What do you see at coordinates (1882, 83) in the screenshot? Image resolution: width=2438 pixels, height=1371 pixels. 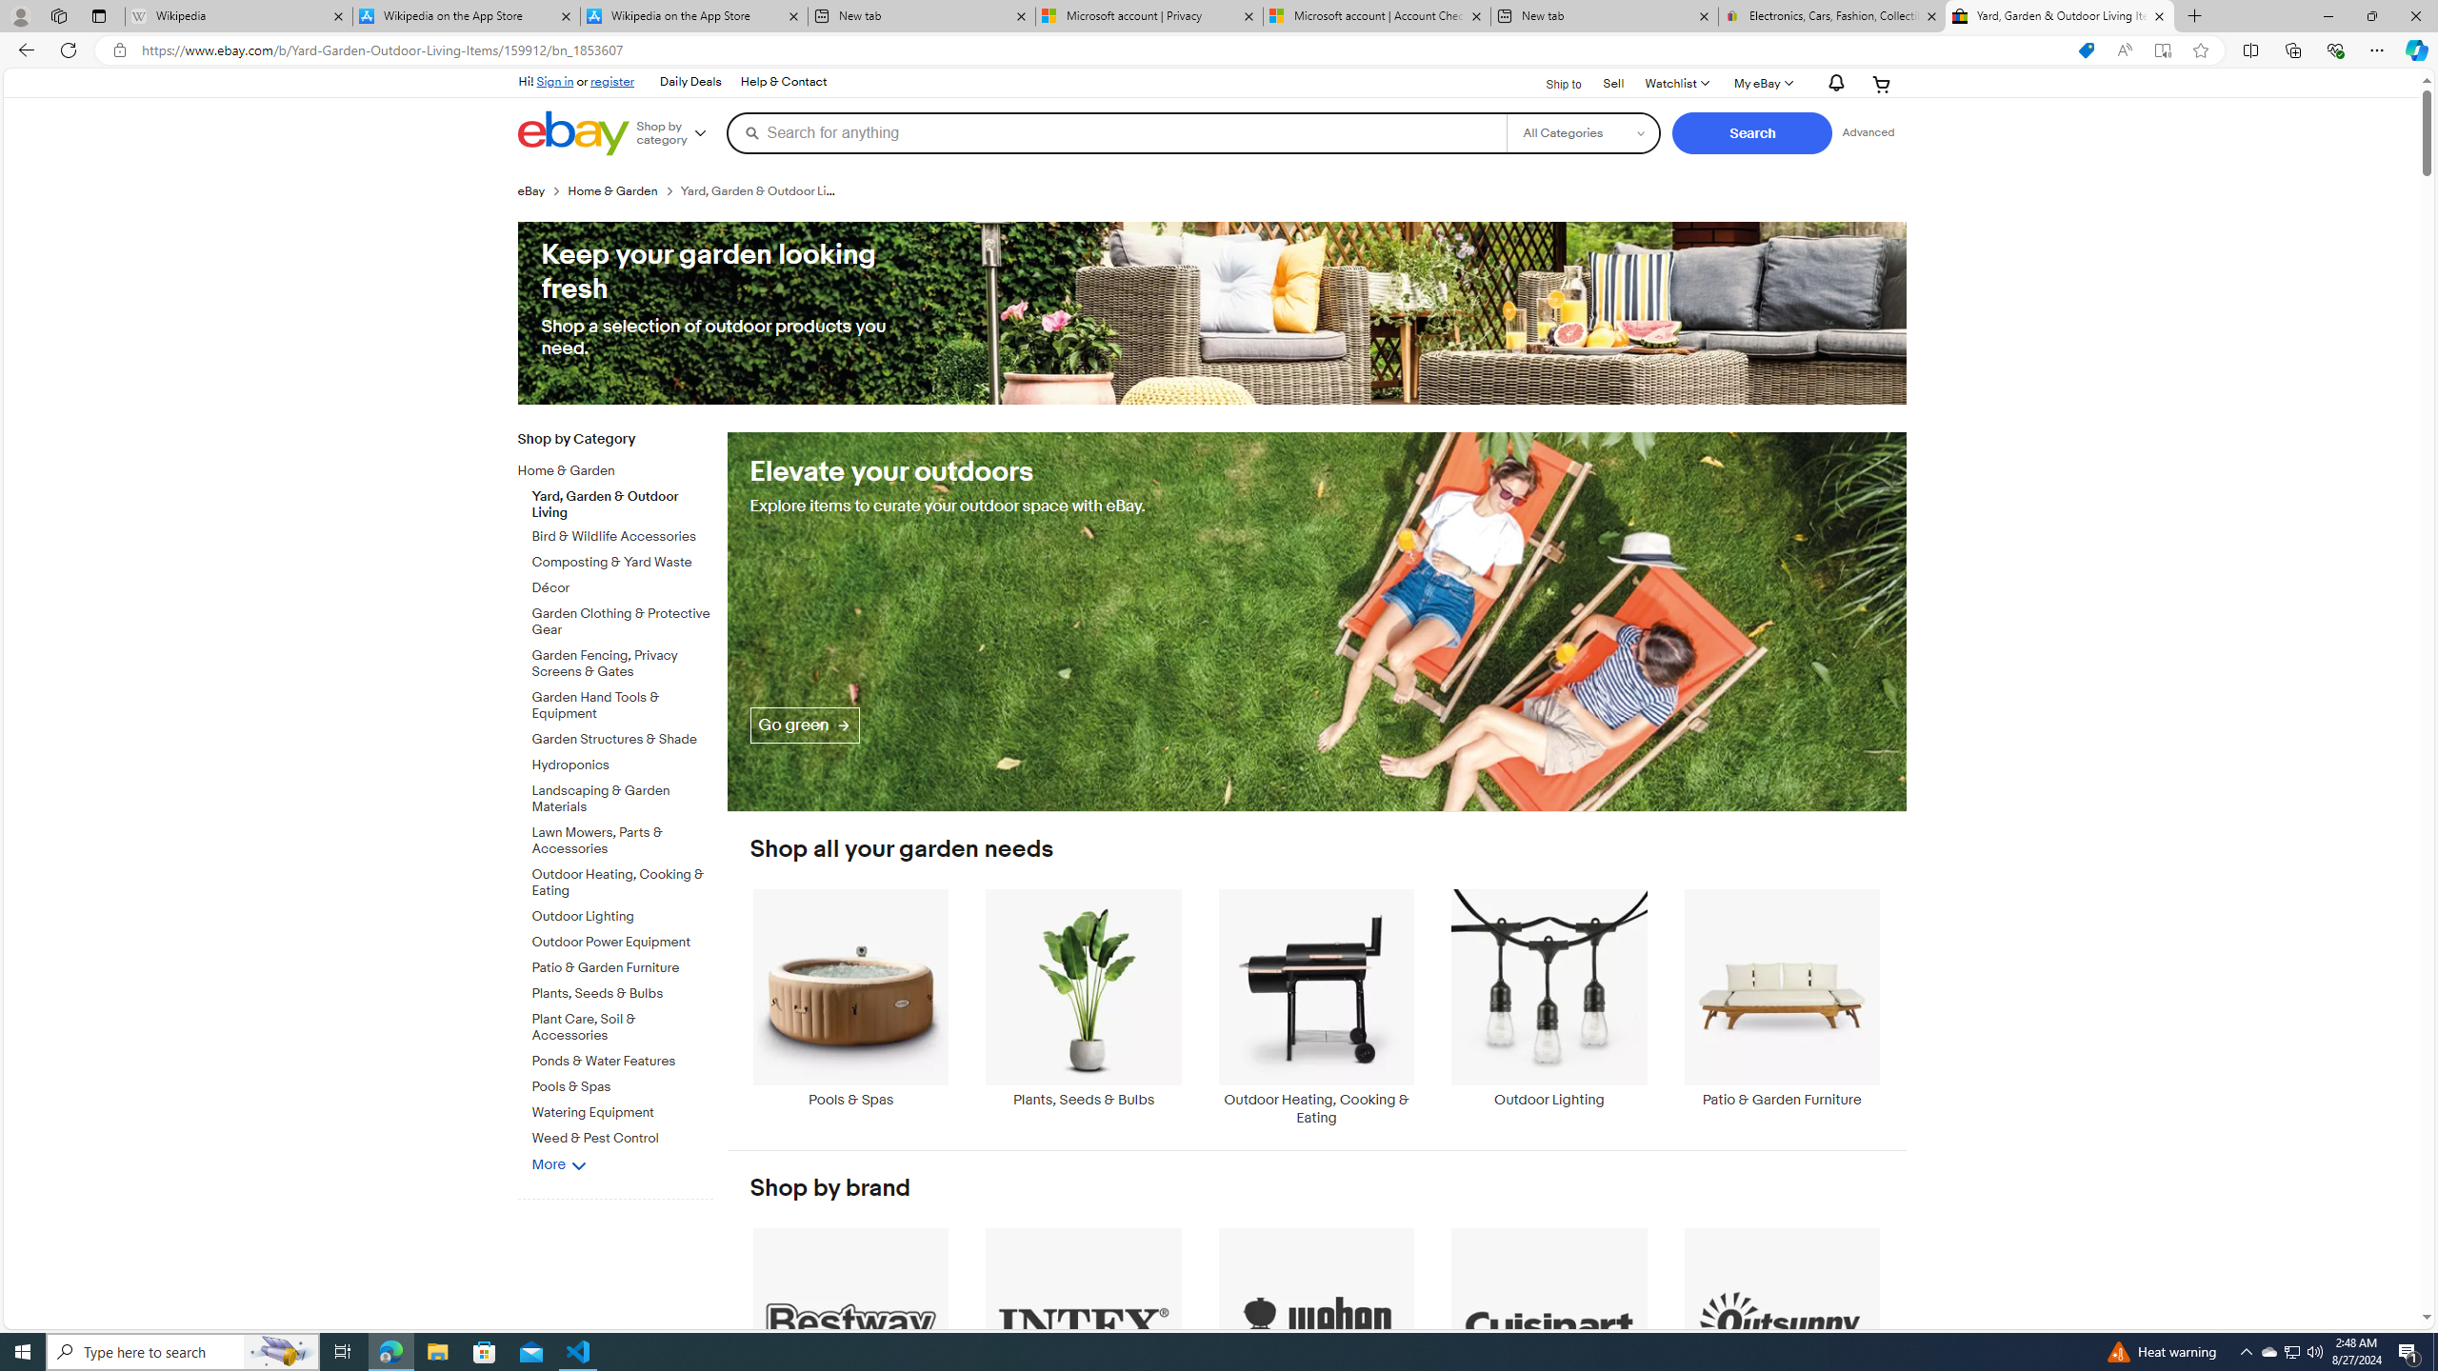 I see `'Your shopping cart'` at bounding box center [1882, 83].